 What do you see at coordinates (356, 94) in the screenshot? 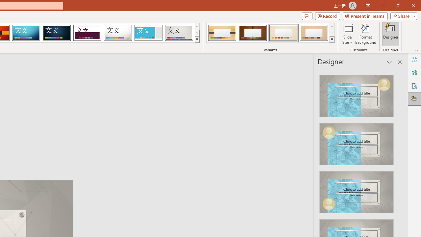
I see `'Recommended Design: Design Idea'` at bounding box center [356, 94].